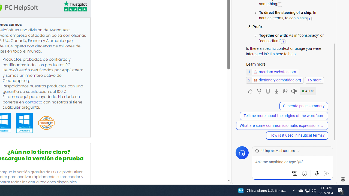 The image size is (349, 196). Describe the element at coordinates (33, 102) in the screenshot. I see `'contacto'` at that location.